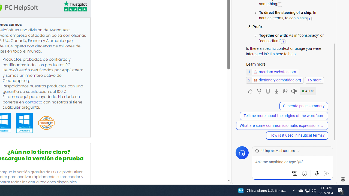 The image size is (349, 196). Describe the element at coordinates (33, 102) in the screenshot. I see `'contacto'` at that location.